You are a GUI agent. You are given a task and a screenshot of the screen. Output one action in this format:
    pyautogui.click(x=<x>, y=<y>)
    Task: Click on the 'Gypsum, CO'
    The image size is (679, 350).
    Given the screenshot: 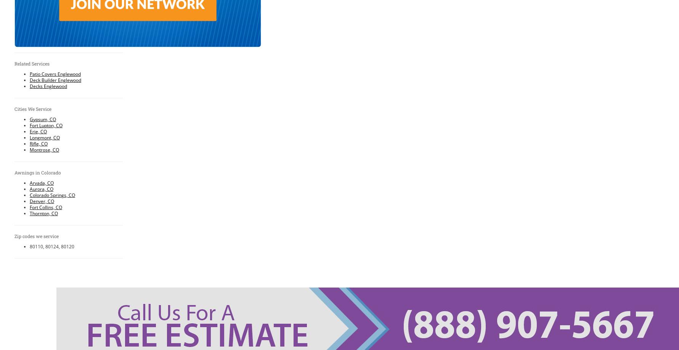 What is the action you would take?
    pyautogui.click(x=42, y=118)
    